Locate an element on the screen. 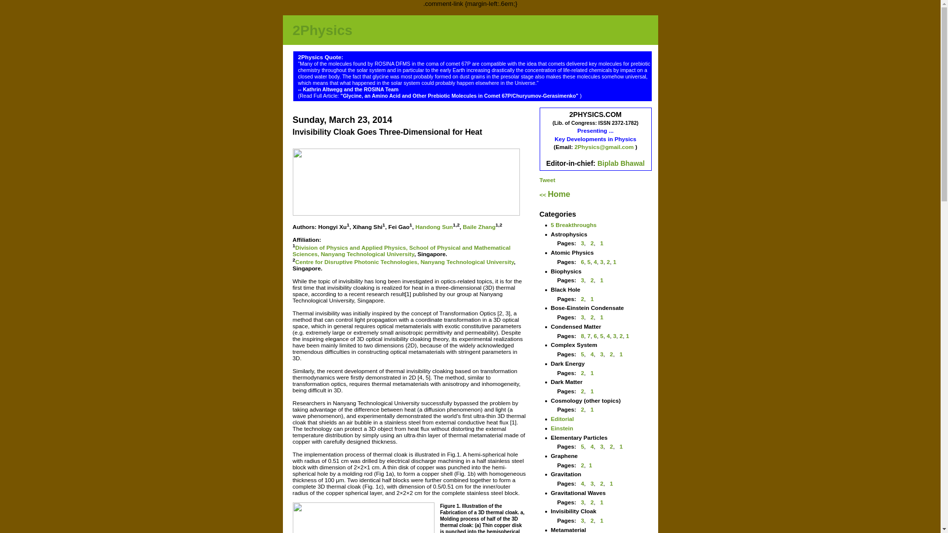 This screenshot has height=533, width=948. '1' is located at coordinates (601, 317).